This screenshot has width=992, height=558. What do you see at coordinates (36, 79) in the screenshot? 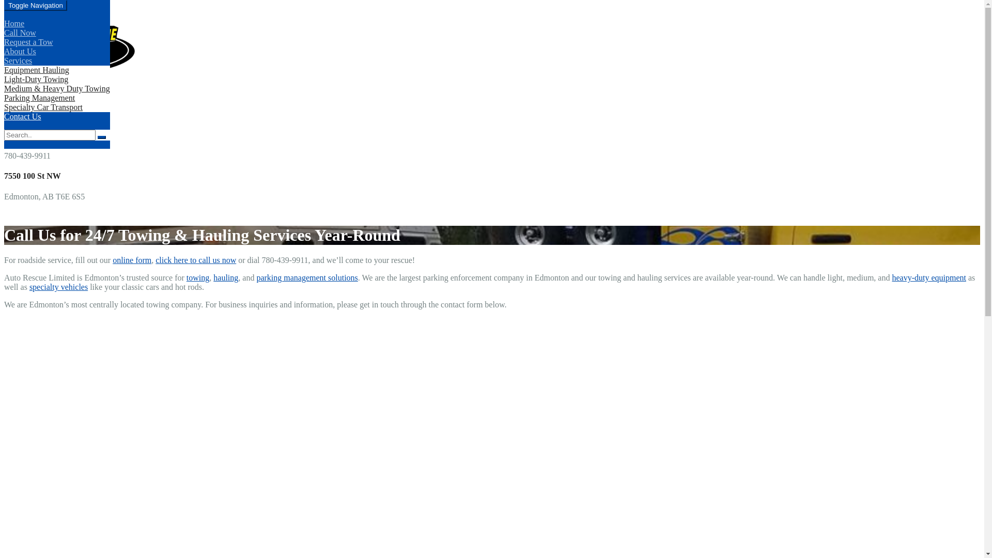
I see `'Light-Duty Towing'` at bounding box center [36, 79].